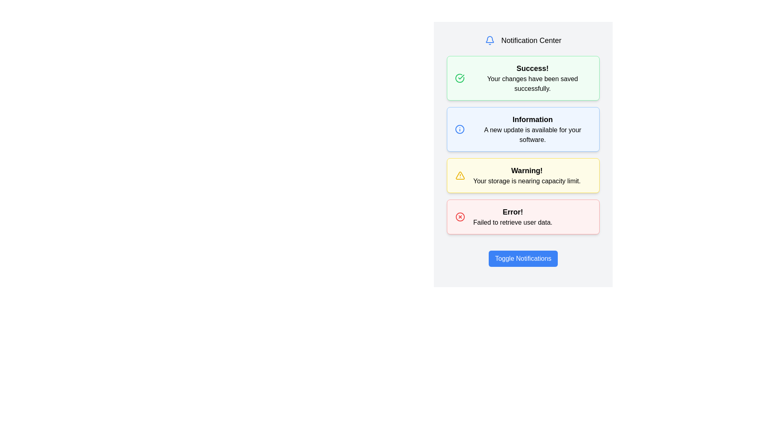 This screenshot has height=438, width=780. I want to click on the warning icon located within the yellow notification box that indicates 'Warning! Your storage is nearing capacity limit.' The icon is positioned to the left of the text and is centered vertically in the box, so click(460, 175).